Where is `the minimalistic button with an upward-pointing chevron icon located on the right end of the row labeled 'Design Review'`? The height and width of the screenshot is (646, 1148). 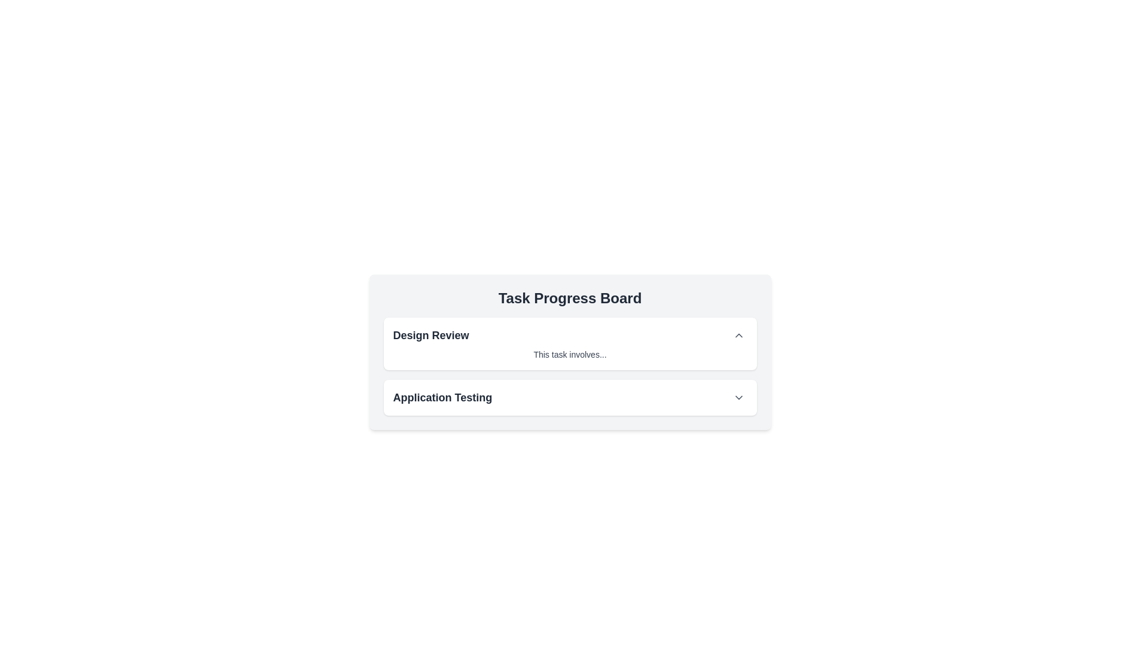
the minimalistic button with an upward-pointing chevron icon located on the right end of the row labeled 'Design Review' is located at coordinates (738, 335).